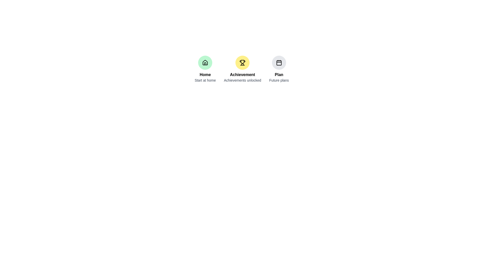  I want to click on bold text 'Achievement' displayed in black color, positioned below the yellow trophy icon and above the text 'Achievements unlocked', so click(243, 75).